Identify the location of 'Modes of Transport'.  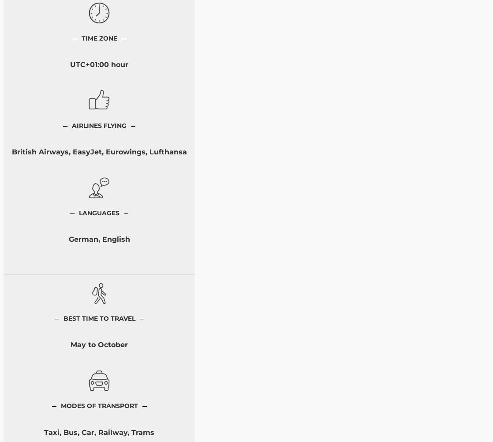
(99, 405).